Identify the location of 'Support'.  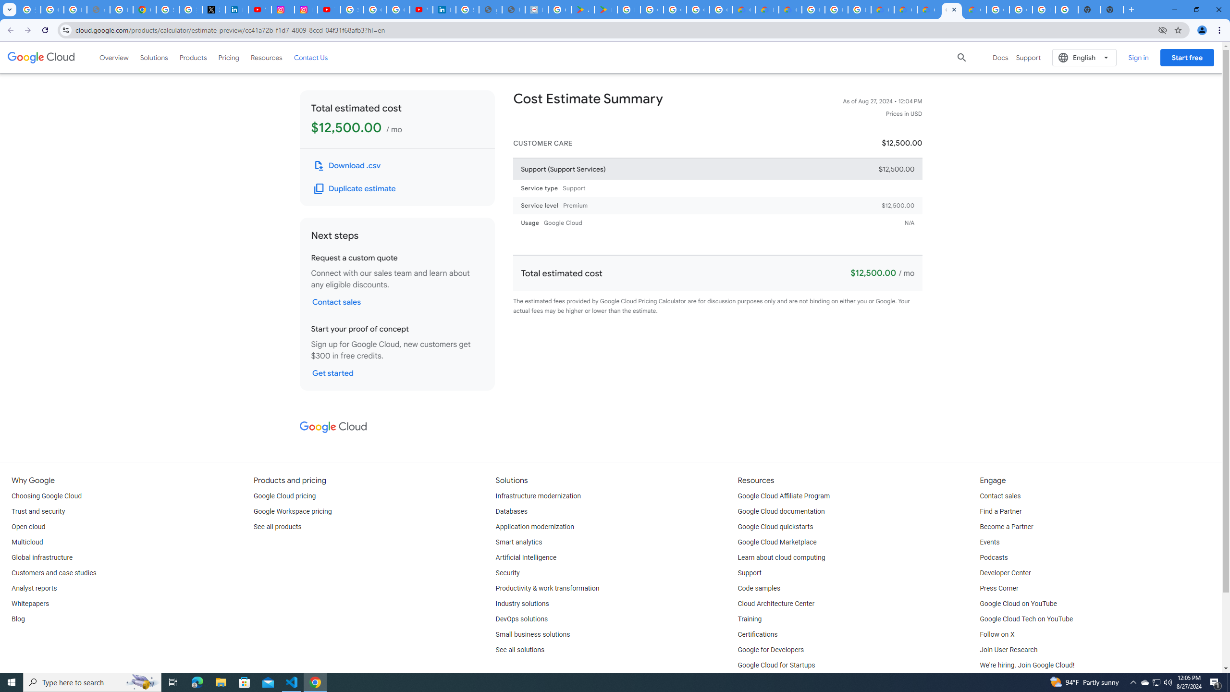
(750, 573).